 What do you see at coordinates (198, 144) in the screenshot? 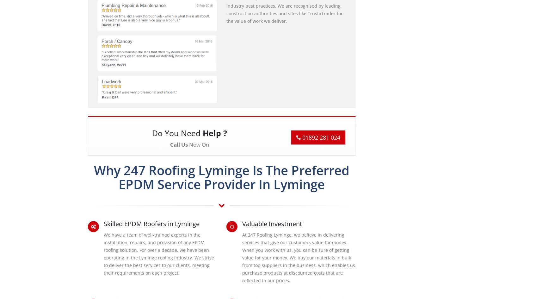
I see `'Now On'` at bounding box center [198, 144].